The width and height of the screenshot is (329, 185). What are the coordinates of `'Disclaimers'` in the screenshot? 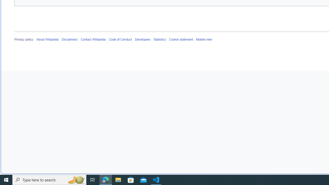 It's located at (70, 39).